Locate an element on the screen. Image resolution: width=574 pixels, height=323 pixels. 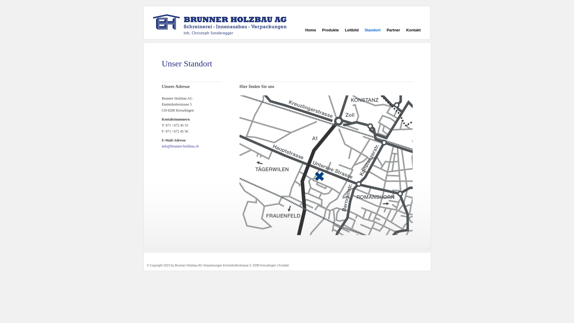
'Kontakt' is located at coordinates (283, 265).